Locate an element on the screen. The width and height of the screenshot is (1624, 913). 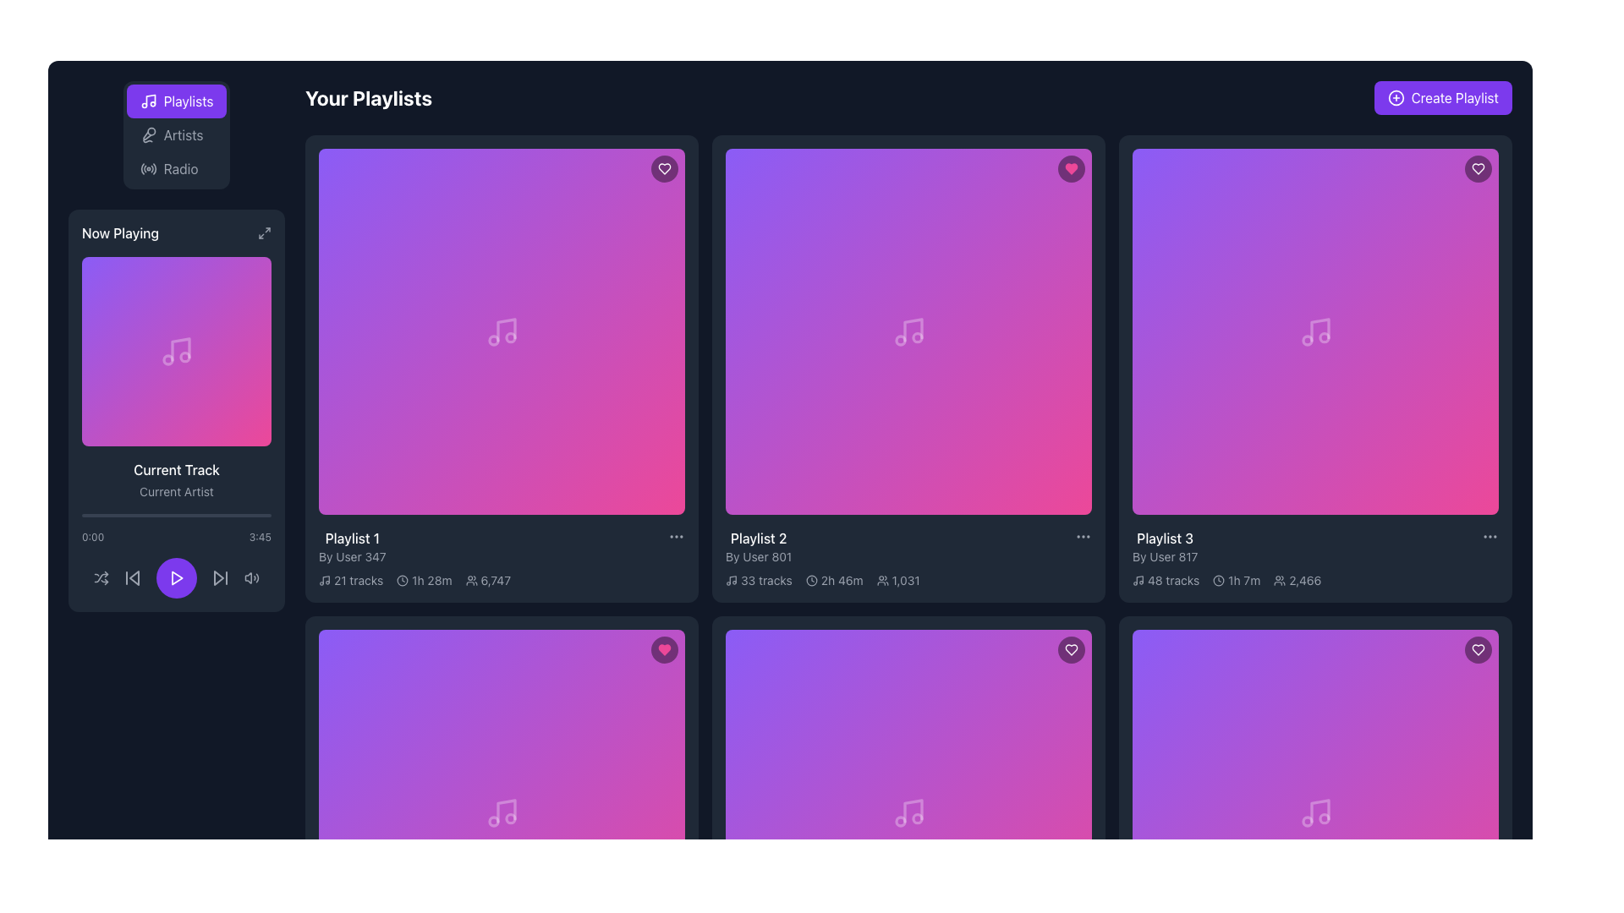
the static text displaying the number '2,466' located in the third playlist card ('Playlist 3'), which is aligned horizontally with a group of people icon is located at coordinates (1304, 579).